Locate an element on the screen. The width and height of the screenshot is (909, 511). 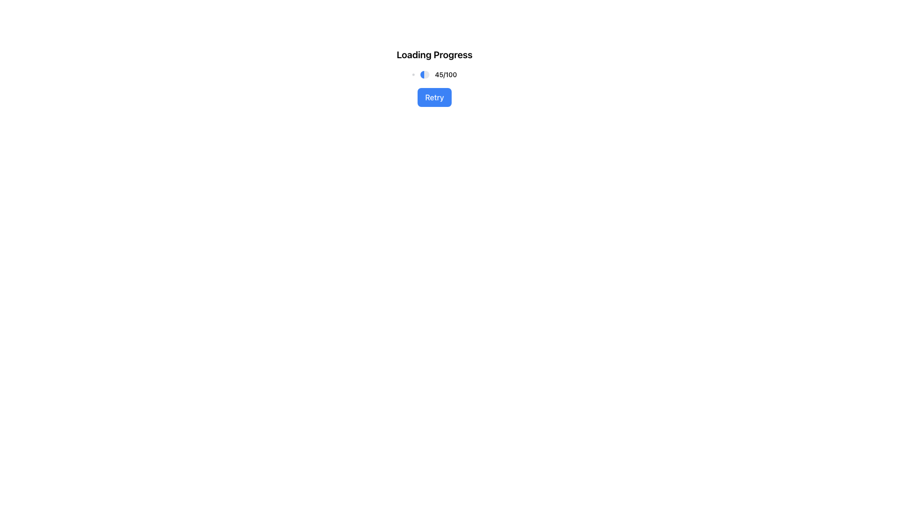
the retry button located below the progress indicators is located at coordinates (434, 97).